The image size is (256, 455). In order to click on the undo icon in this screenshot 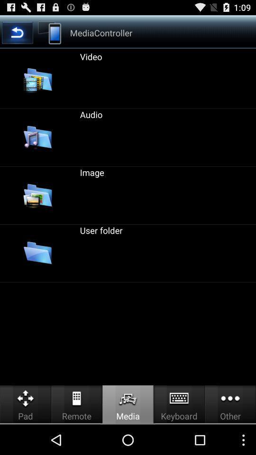, I will do `click(17, 35)`.